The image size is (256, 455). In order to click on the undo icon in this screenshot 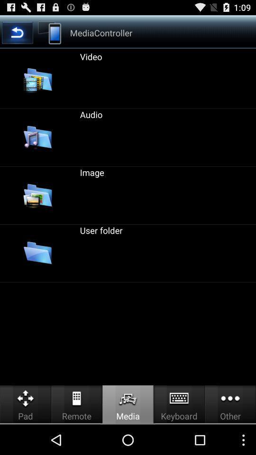, I will do `click(17, 35)`.